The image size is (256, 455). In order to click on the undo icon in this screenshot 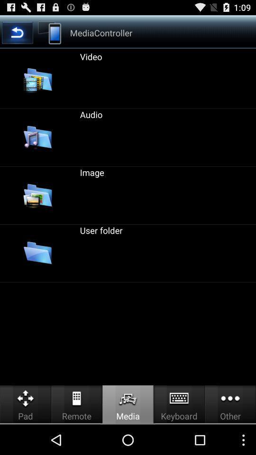, I will do `click(17, 35)`.